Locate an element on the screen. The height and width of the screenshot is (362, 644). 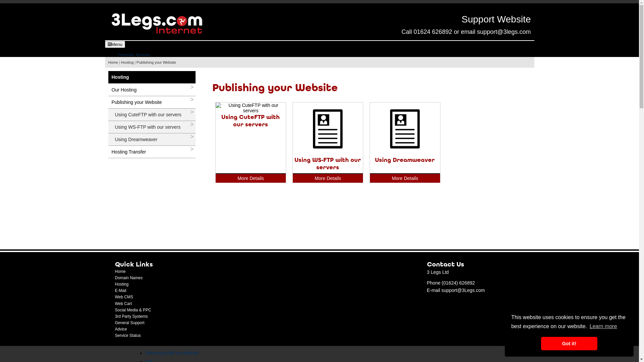
'General Support' is located at coordinates (114, 322).